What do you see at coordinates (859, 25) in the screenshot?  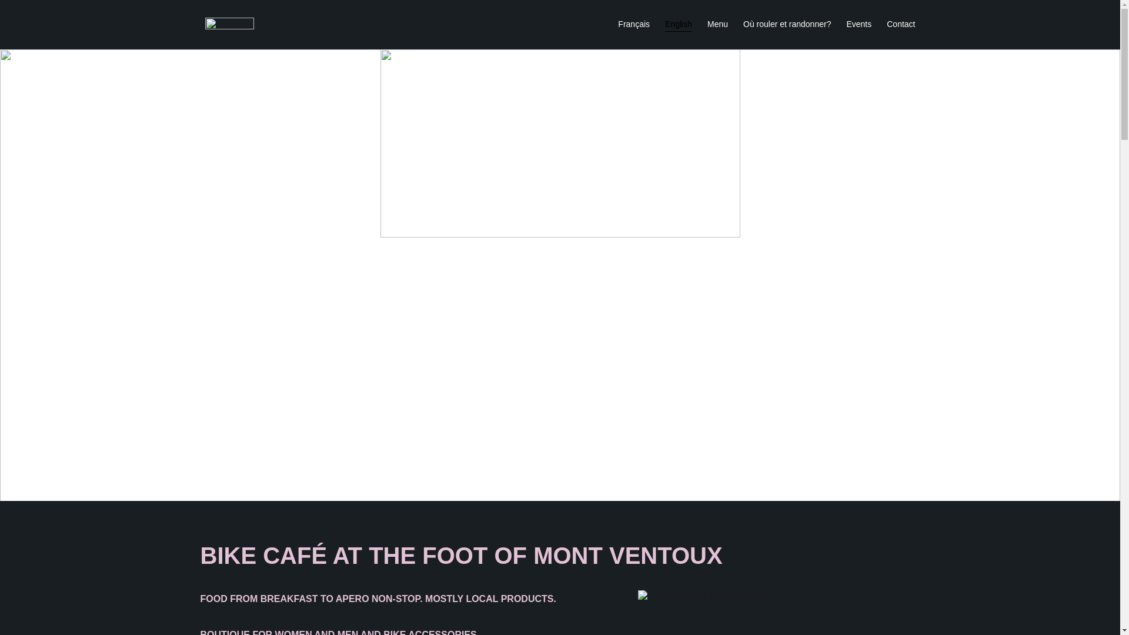 I see `'Events'` at bounding box center [859, 25].